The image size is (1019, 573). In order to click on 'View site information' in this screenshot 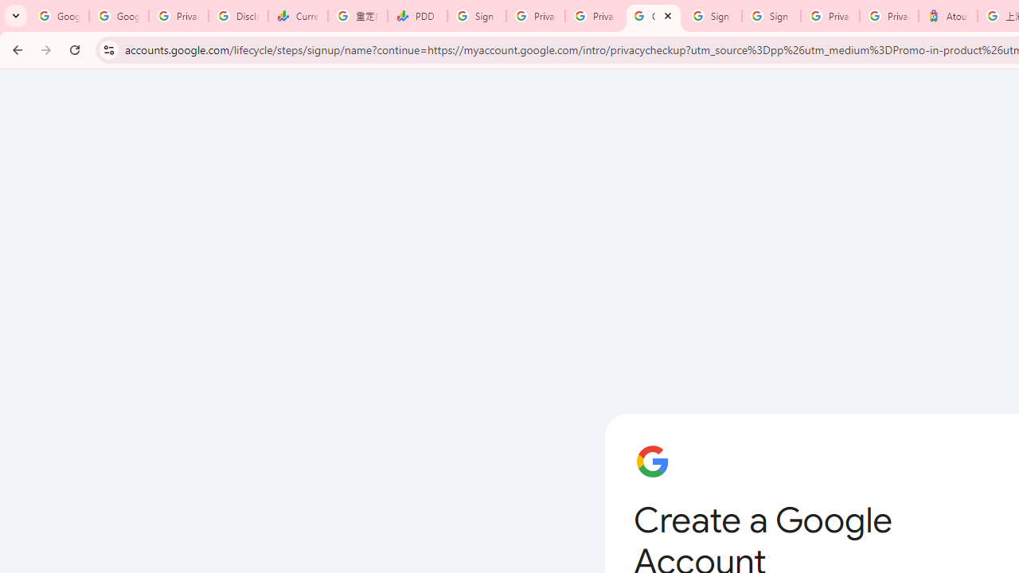, I will do `click(107, 49)`.